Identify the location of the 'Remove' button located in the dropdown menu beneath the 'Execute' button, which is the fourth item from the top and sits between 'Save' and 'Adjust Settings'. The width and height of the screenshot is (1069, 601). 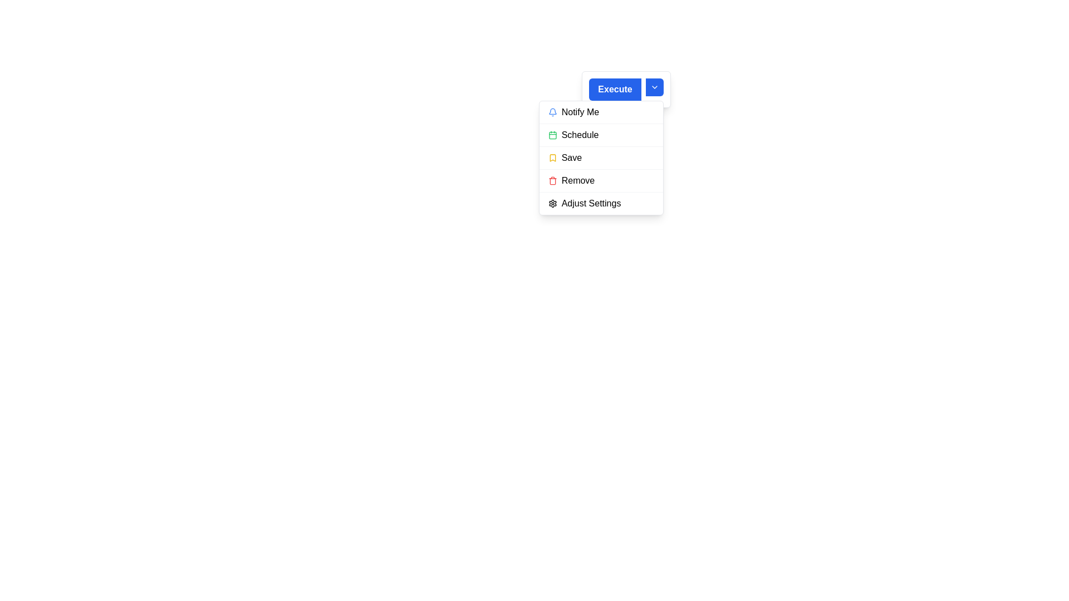
(600, 180).